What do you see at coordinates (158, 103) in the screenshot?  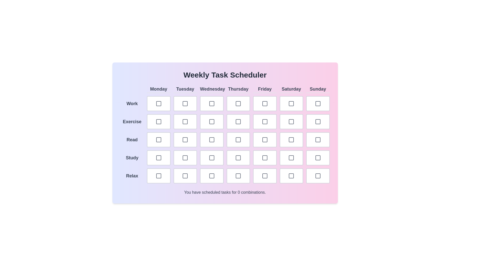 I see `the checkbox for the task Work on Monday to toggle its selection` at bounding box center [158, 103].